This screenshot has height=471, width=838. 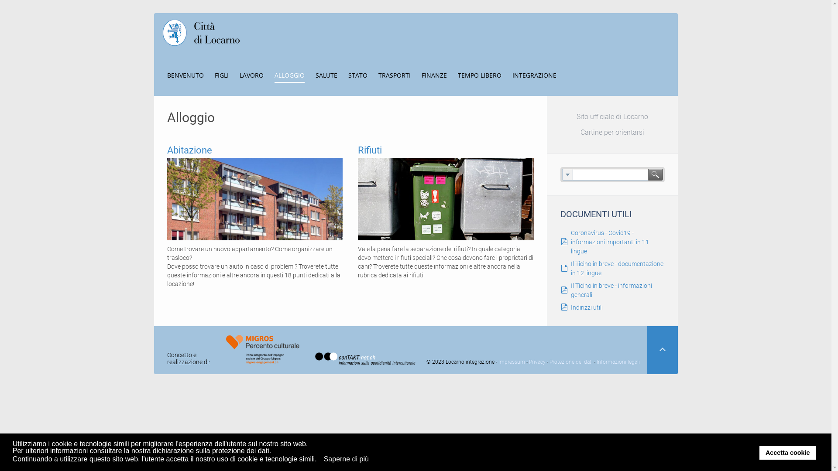 I want to click on 'Impressum', so click(x=512, y=362).